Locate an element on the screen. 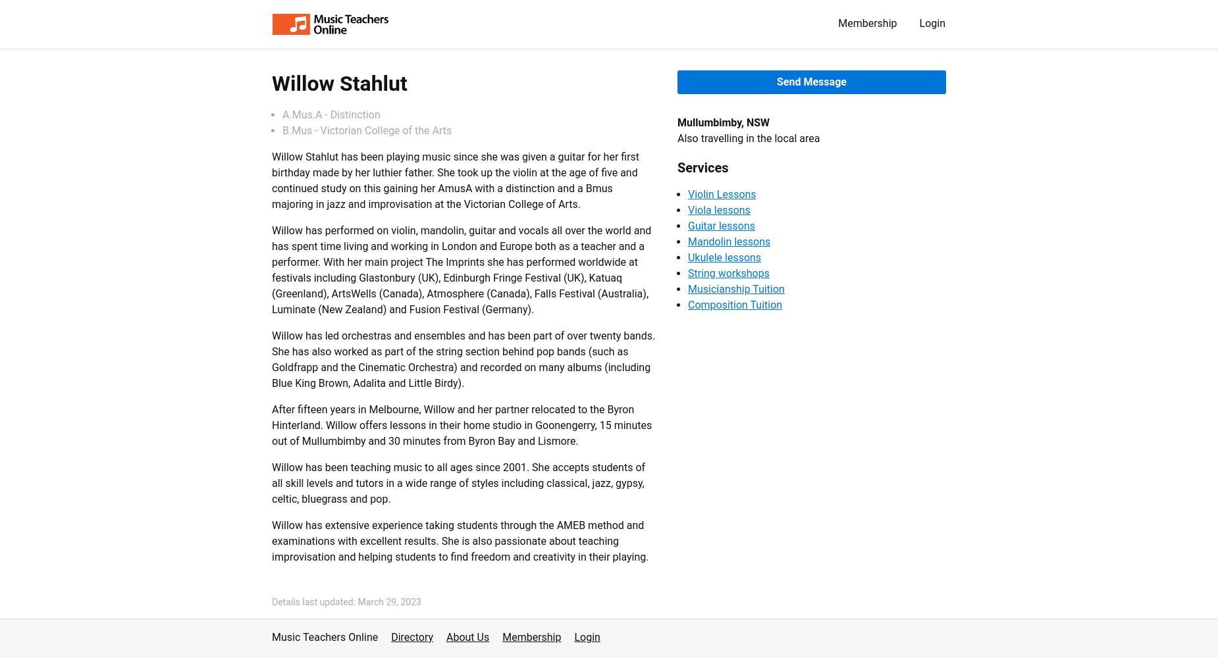 The image size is (1218, 658). 'Viola lessons' is located at coordinates (718, 209).